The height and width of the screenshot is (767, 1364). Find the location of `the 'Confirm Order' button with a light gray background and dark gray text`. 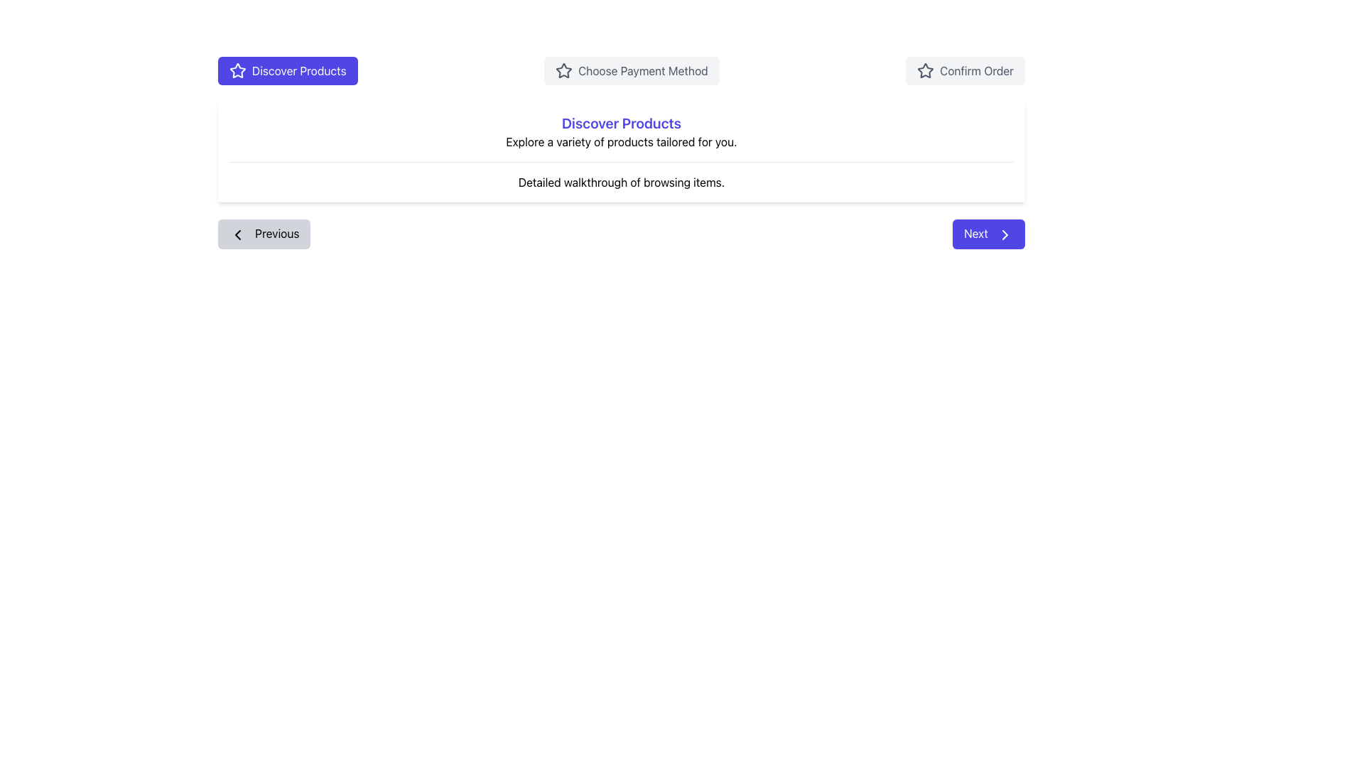

the 'Confirm Order' button with a light gray background and dark gray text is located at coordinates (965, 71).